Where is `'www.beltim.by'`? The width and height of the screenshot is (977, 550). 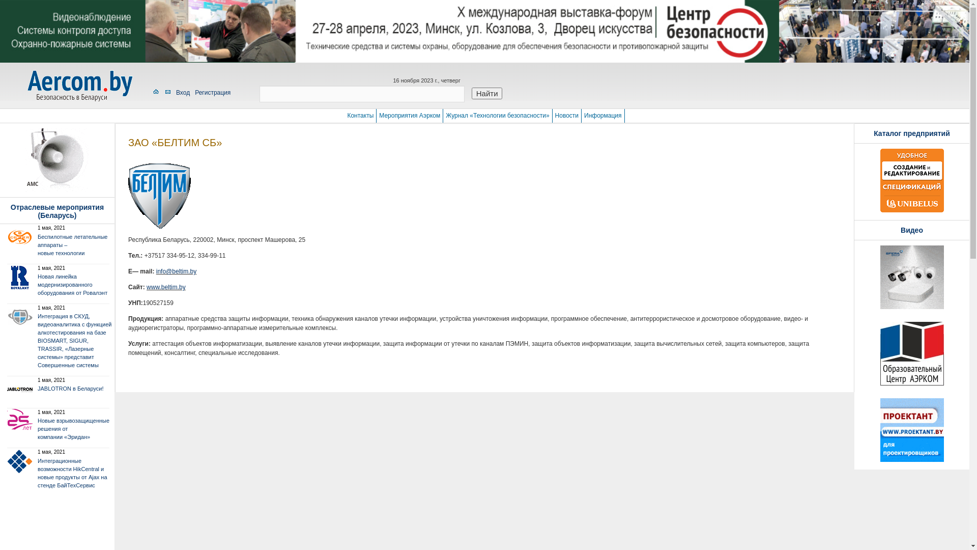
'www.beltim.by' is located at coordinates (166, 287).